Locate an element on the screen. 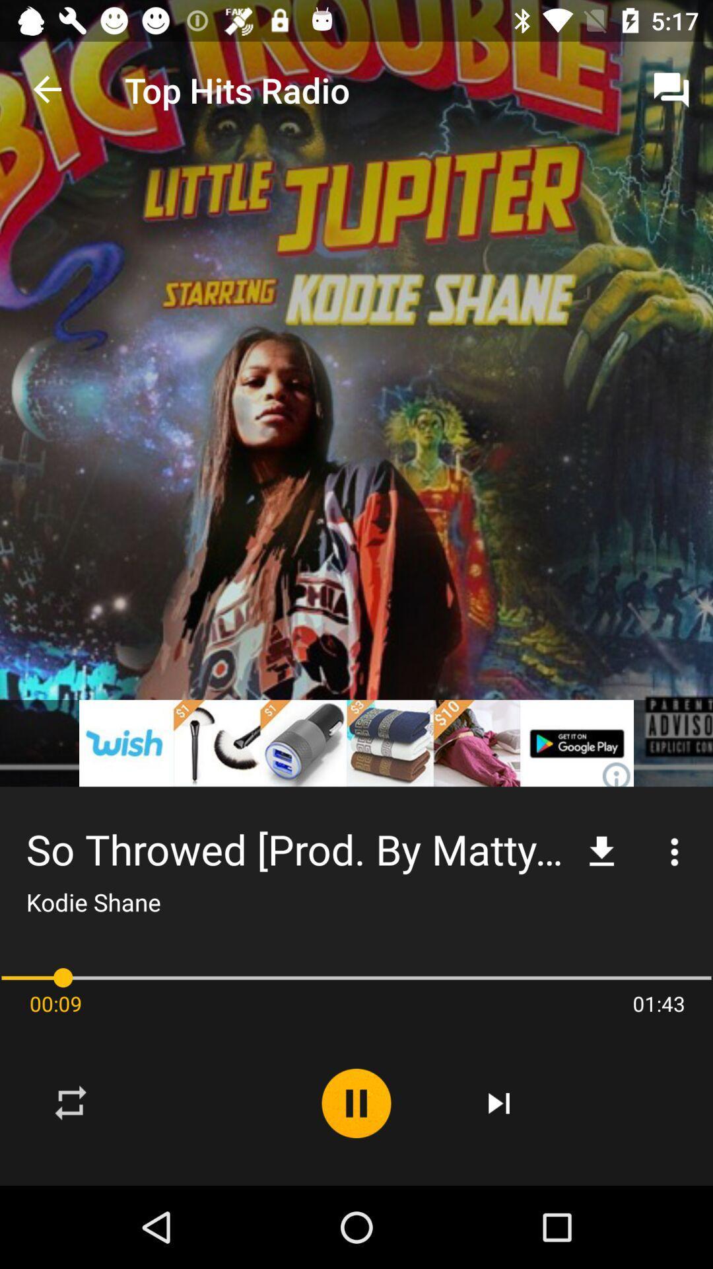  the app next to the top hits radio item is located at coordinates (48, 89).